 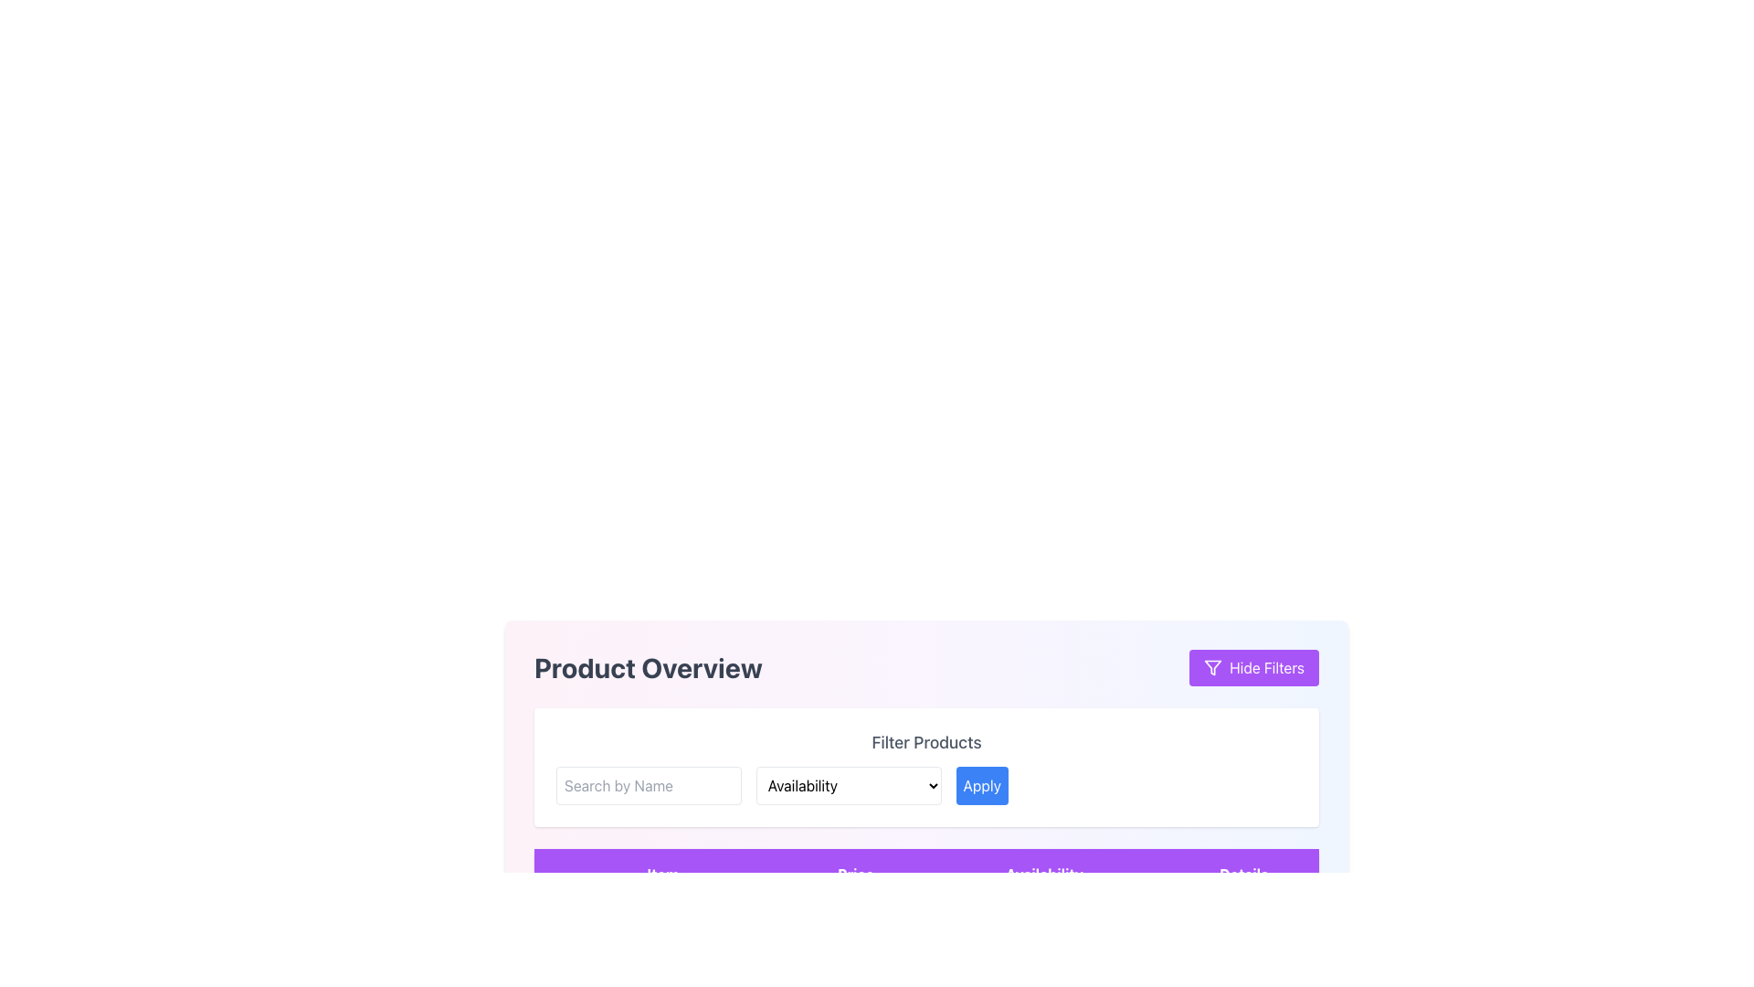 I want to click on the 'Availability' static text label, which is the third label in a row of four, located between 'Price' and 'Details' on a vibrant purple background, so click(x=1044, y=873).